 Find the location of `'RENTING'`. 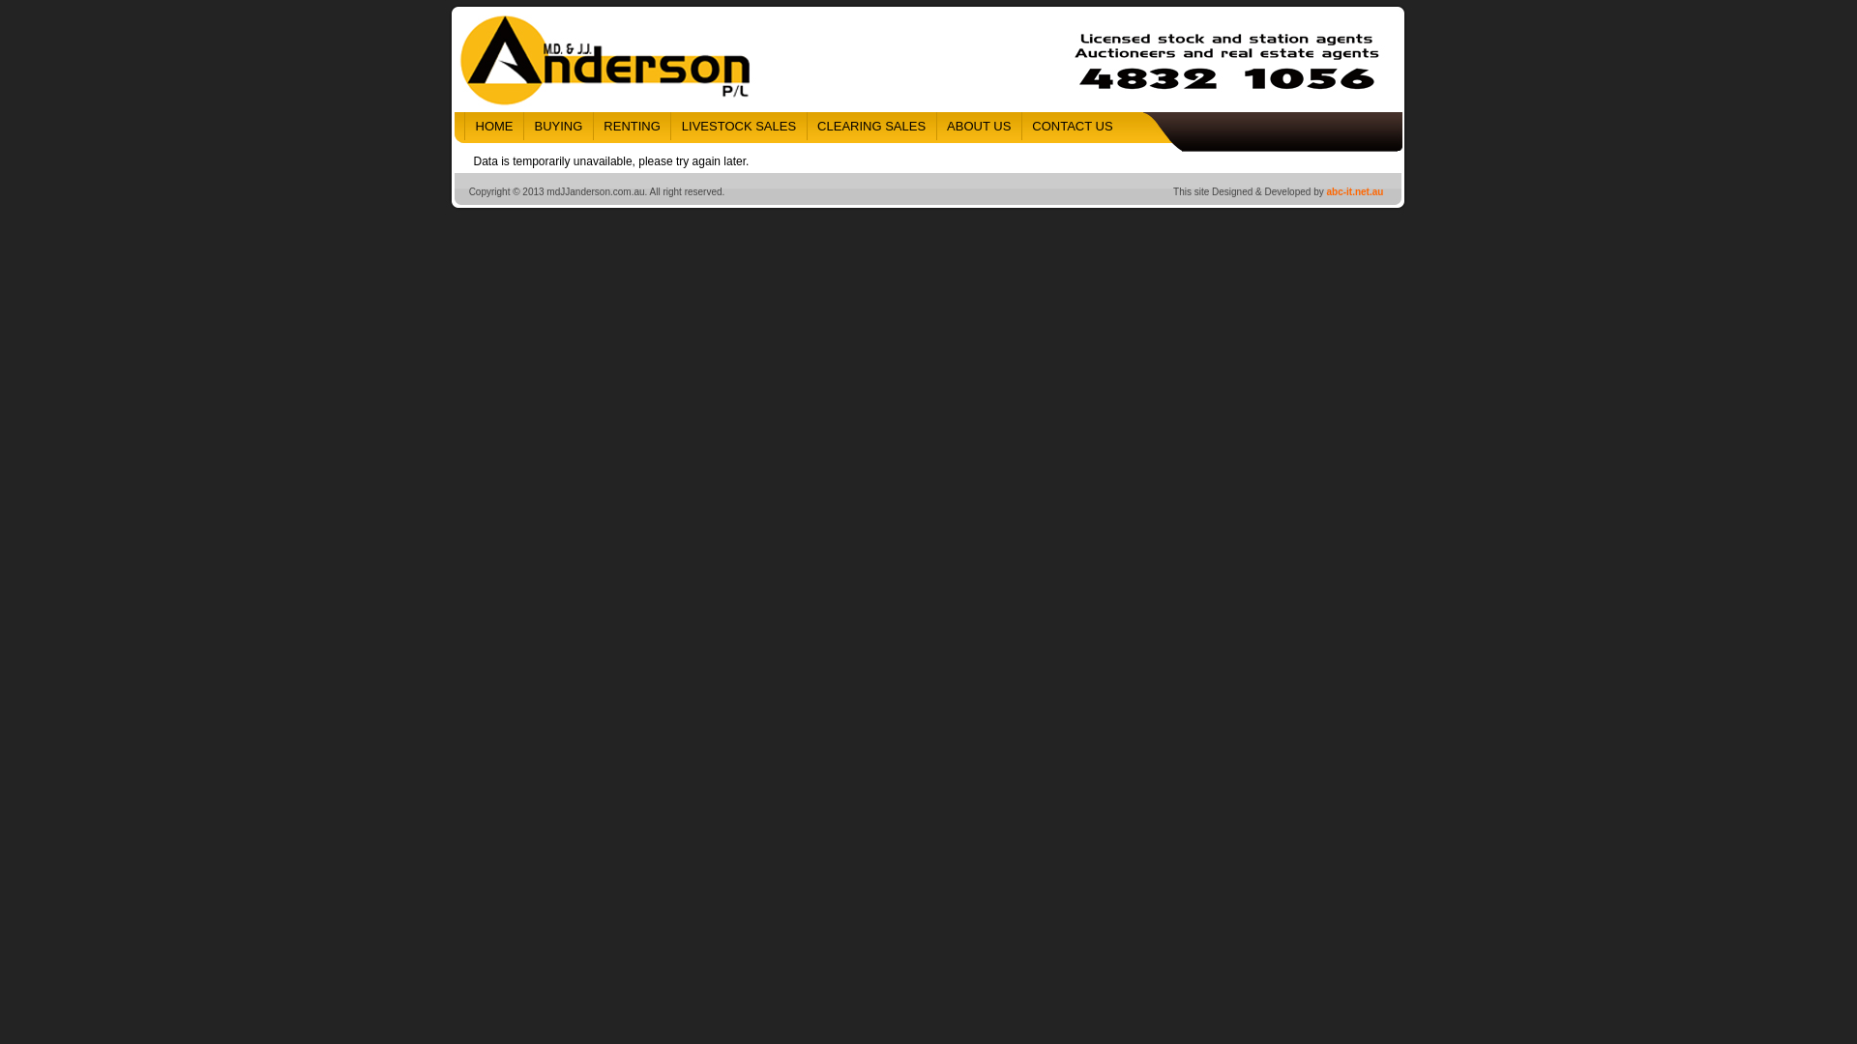

'RENTING' is located at coordinates (632, 126).